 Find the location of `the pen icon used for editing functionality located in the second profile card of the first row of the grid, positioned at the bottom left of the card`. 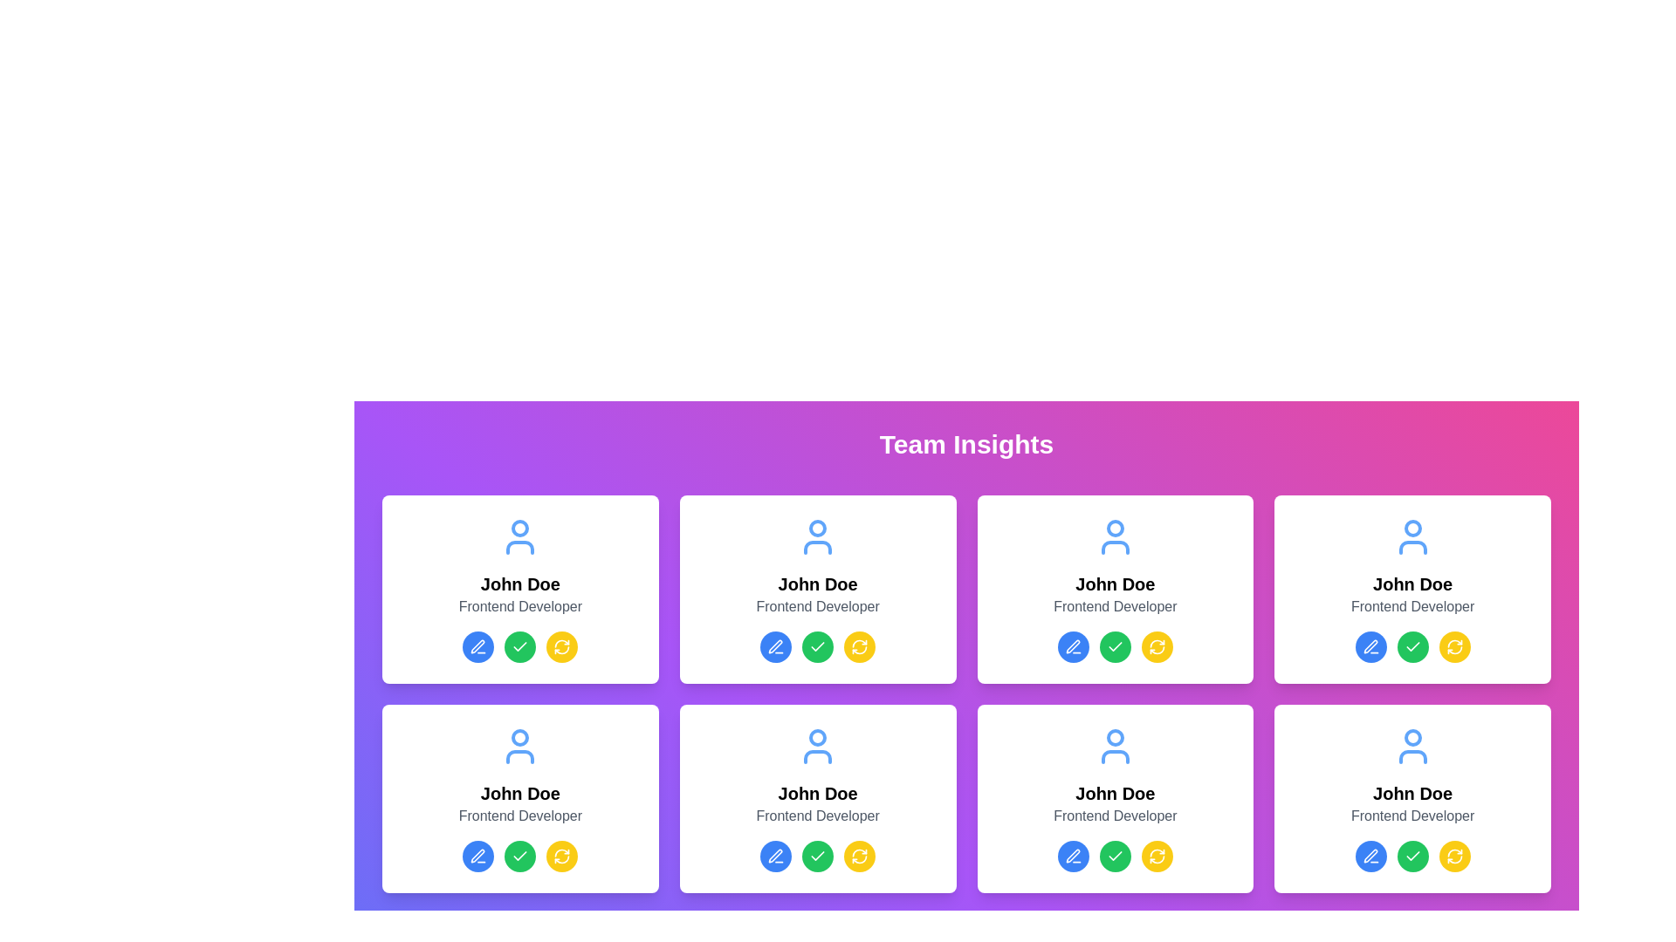

the pen icon used for editing functionality located in the second profile card of the first row of the grid, positioned at the bottom left of the card is located at coordinates (1072, 646).